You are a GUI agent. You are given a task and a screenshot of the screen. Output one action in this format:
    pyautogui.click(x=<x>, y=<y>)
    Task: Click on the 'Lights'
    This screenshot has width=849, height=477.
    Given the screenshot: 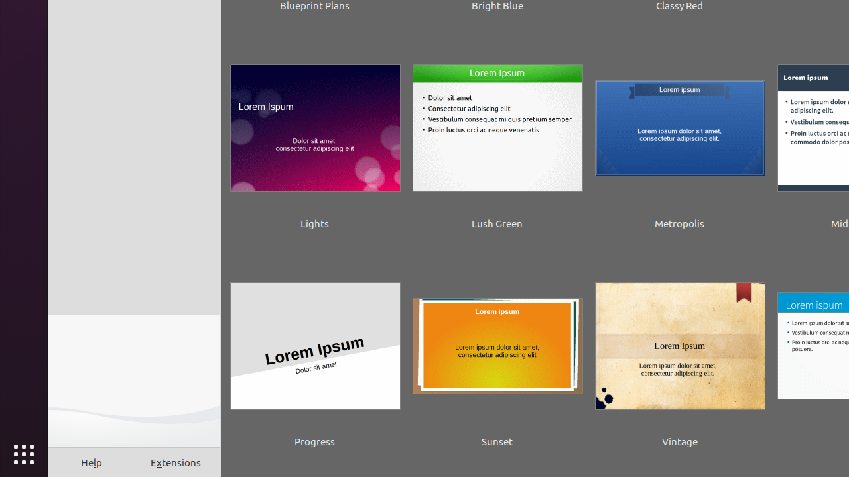 What is the action you would take?
    pyautogui.click(x=314, y=138)
    